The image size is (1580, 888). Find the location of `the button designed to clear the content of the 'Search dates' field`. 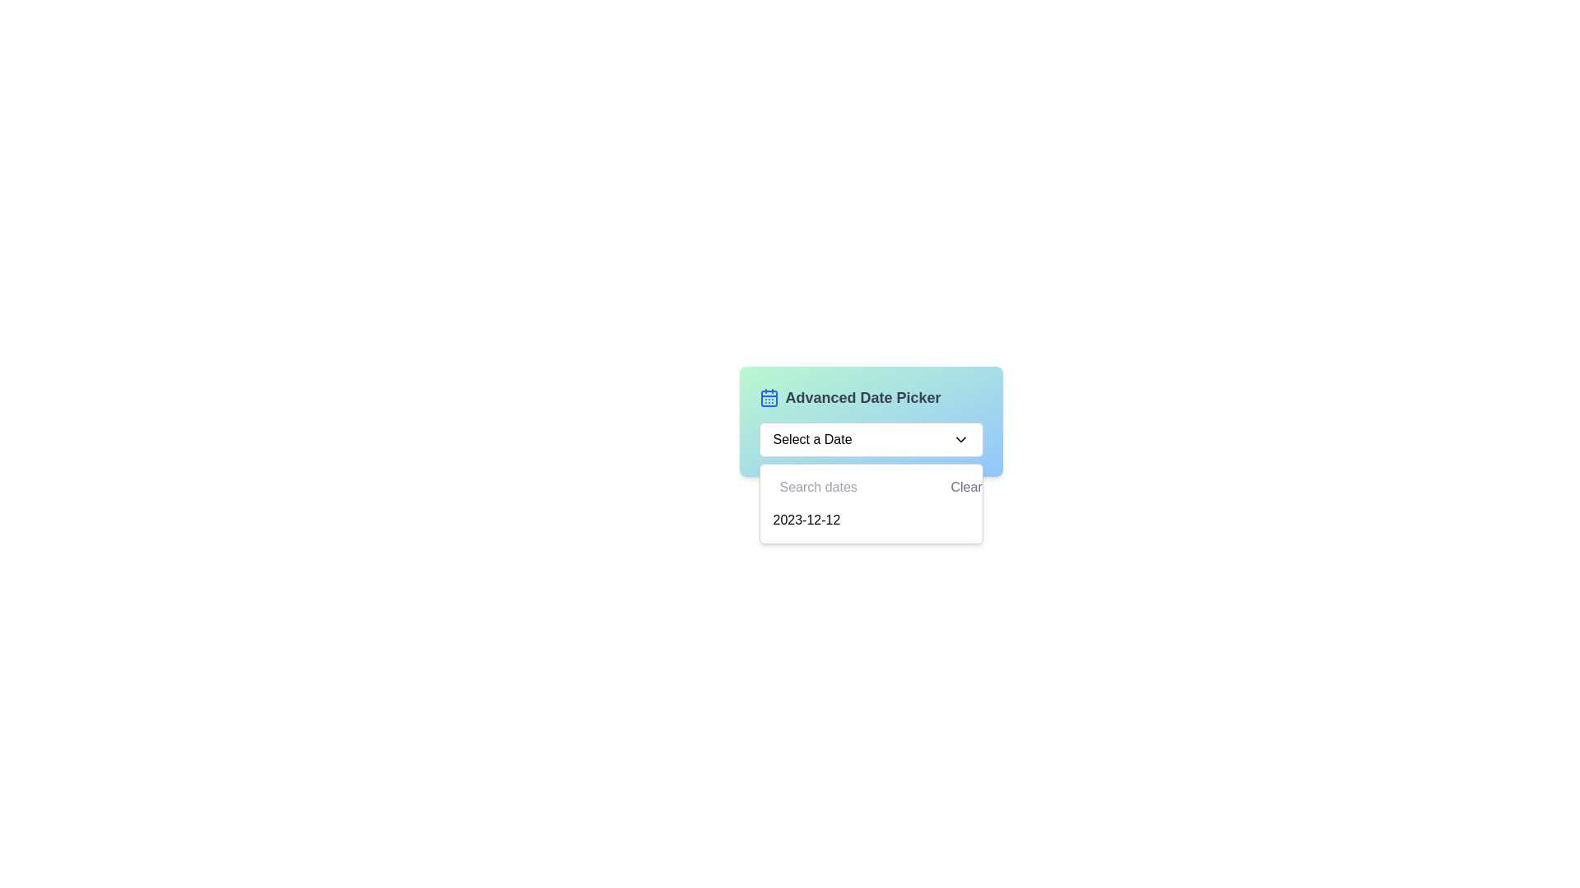

the button designed to clear the content of the 'Search dates' field is located at coordinates (966, 487).